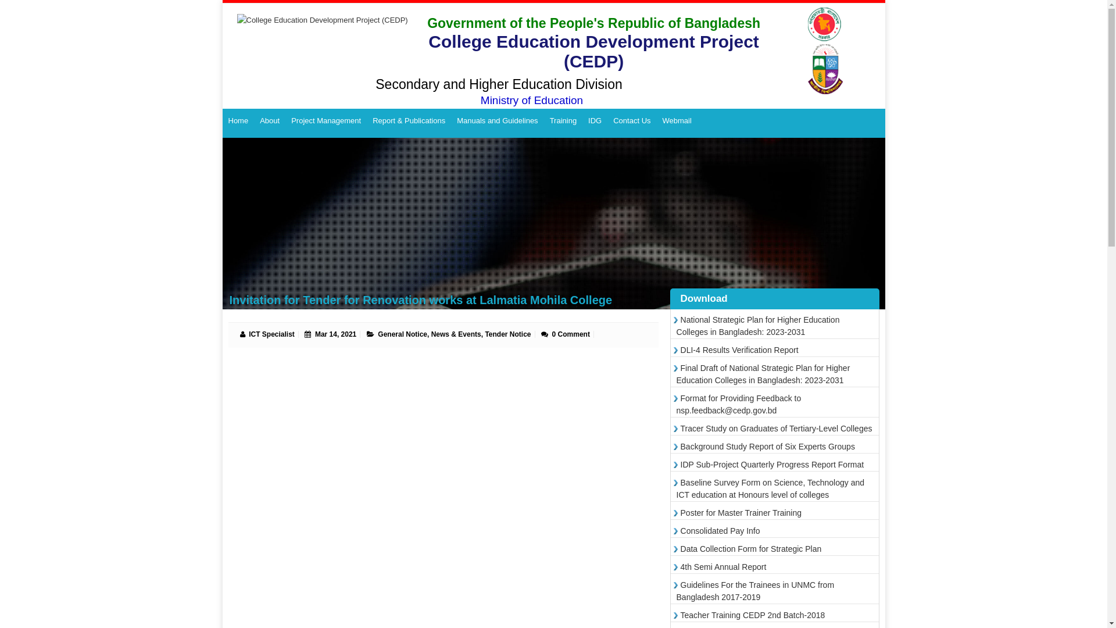  I want to click on 'Format for Providing Feedback to nsp.feedback@cedp.gov.bd', so click(738, 404).